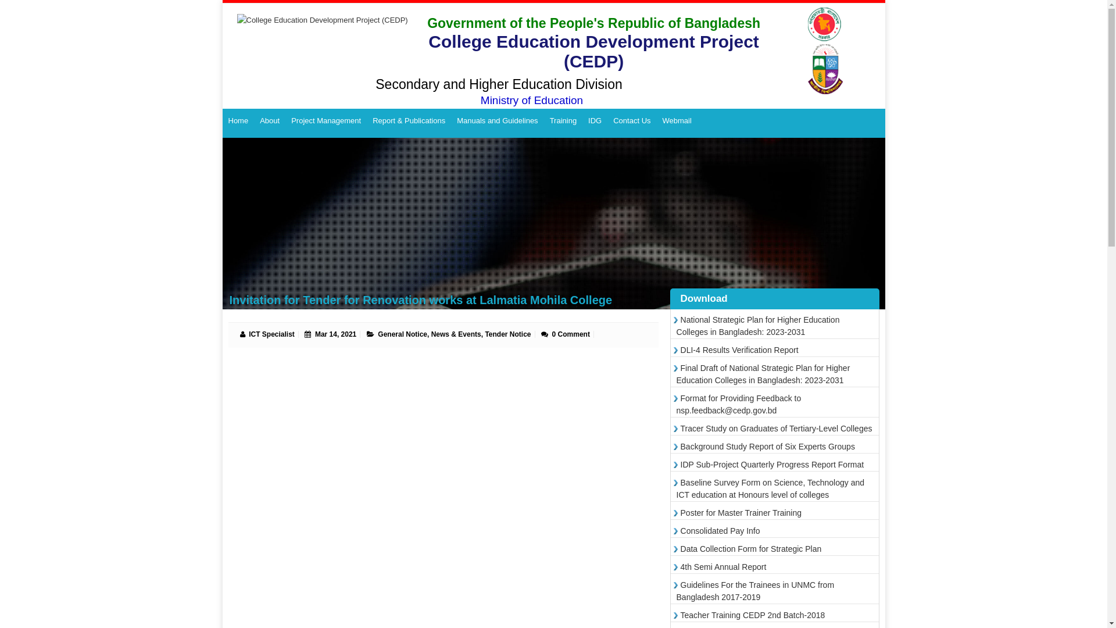  I want to click on 'Format for Providing Feedback to nsp.feedback@cedp.gov.bd', so click(738, 404).